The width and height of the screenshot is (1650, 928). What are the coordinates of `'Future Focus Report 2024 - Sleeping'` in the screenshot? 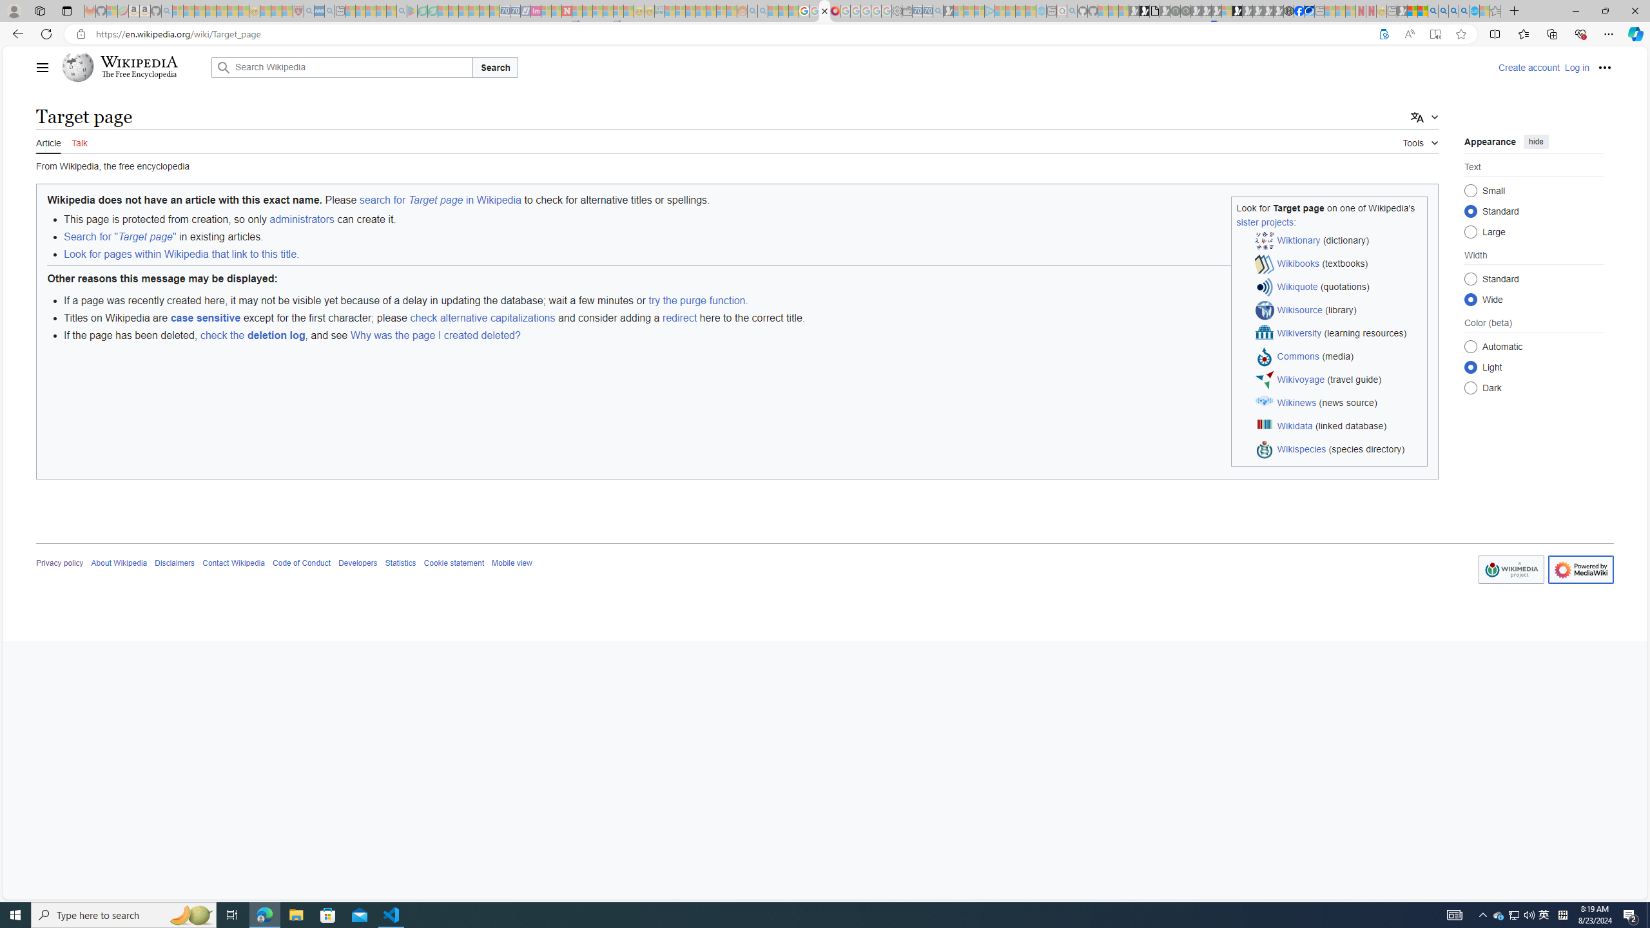 It's located at (1185, 10).